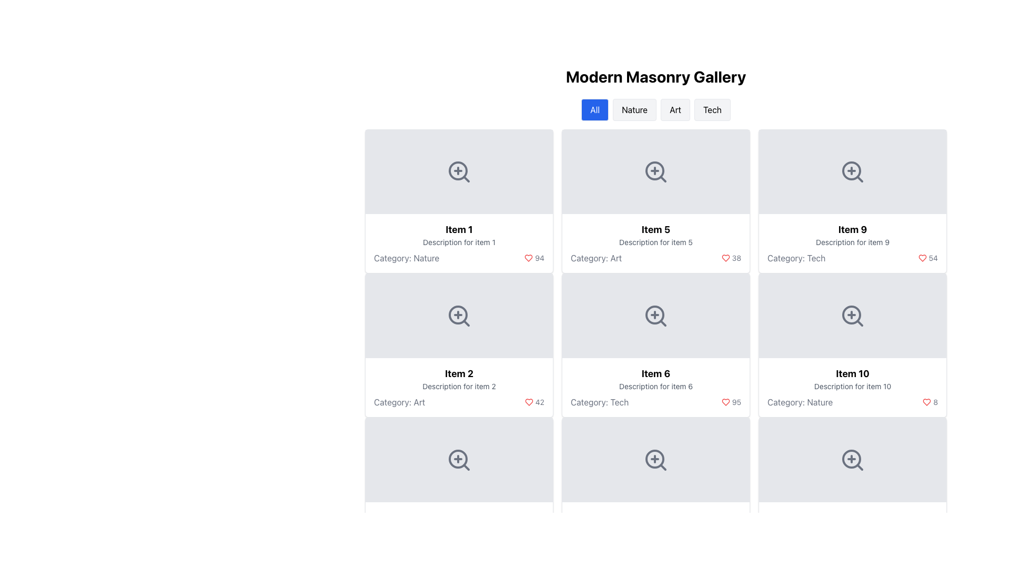  What do you see at coordinates (655, 76) in the screenshot?
I see `text label 'Modern Masonry Gallery' which is a bold and large header centered at the top of the page` at bounding box center [655, 76].